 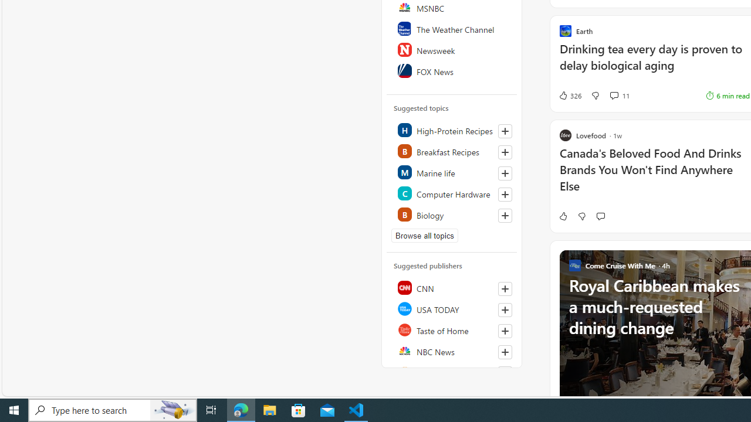 What do you see at coordinates (619, 95) in the screenshot?
I see `'View comments 11 Comment'` at bounding box center [619, 95].